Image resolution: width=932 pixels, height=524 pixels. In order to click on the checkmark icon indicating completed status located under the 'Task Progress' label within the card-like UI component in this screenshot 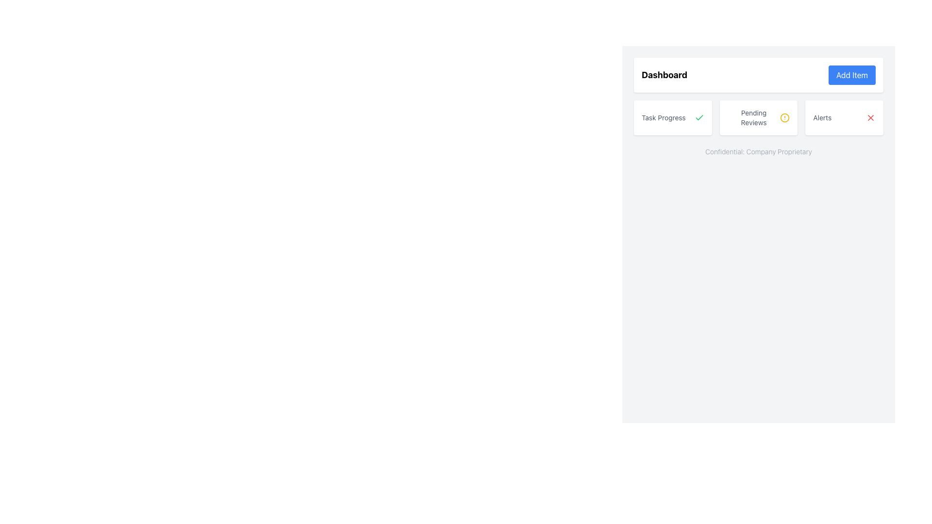, I will do `click(699, 117)`.